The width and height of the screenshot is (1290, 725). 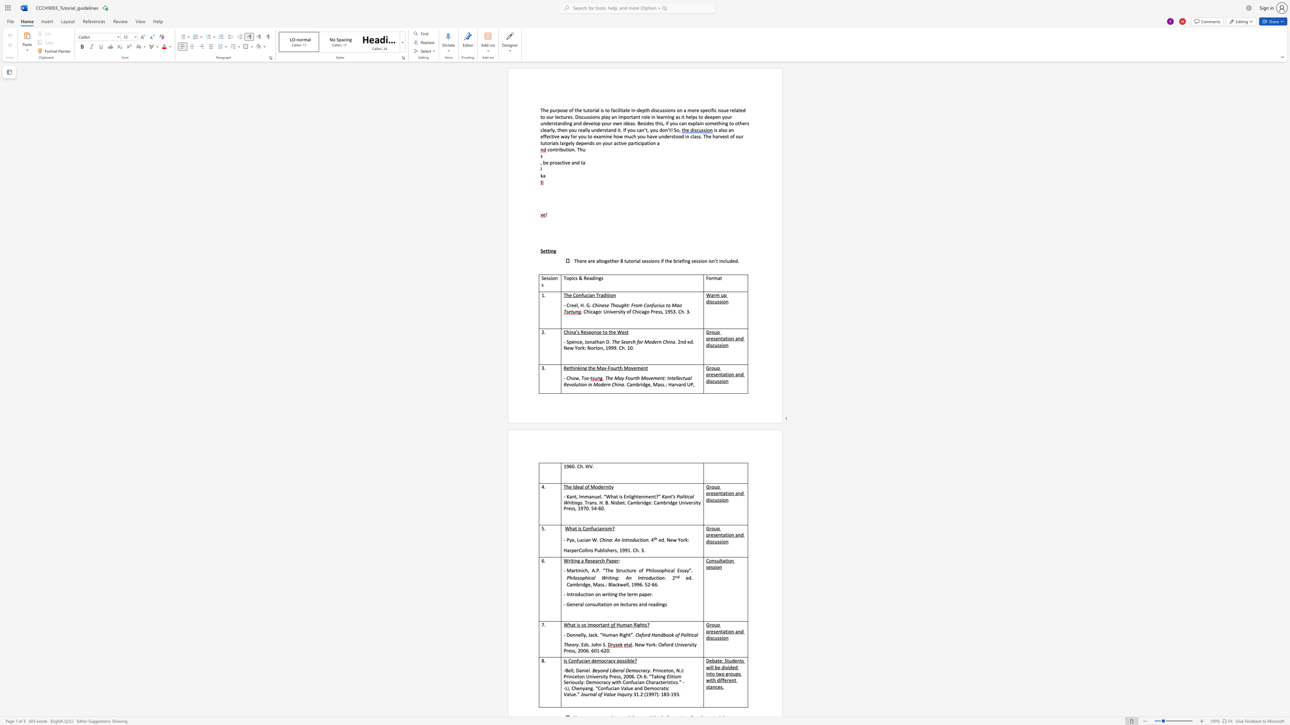 I want to click on the subset text "ents will be divided into two groups with different stances" within the text "Debate: Students will be divided into two groups with different stances.", so click(x=734, y=660).